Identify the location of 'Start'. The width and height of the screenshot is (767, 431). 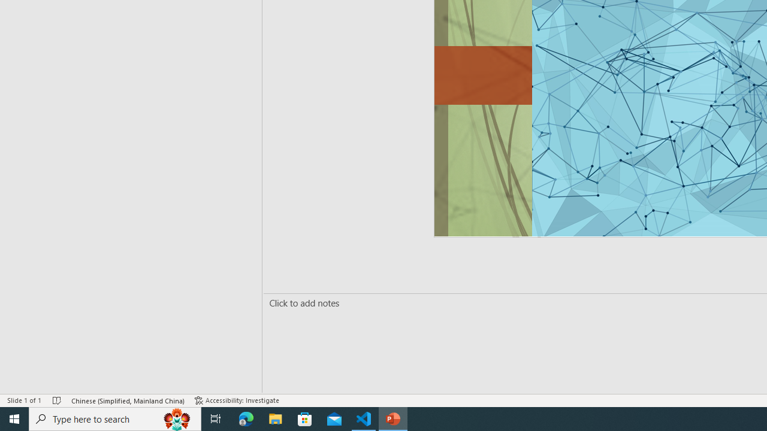
(14, 418).